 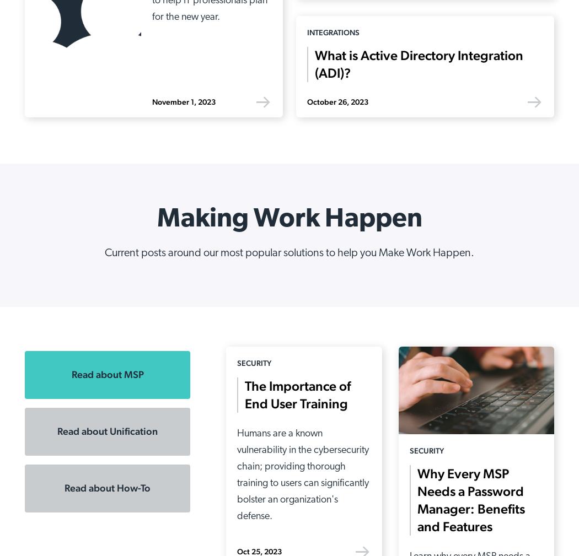 I want to click on 'Multi-Factor Authentication', so click(x=194, y=306).